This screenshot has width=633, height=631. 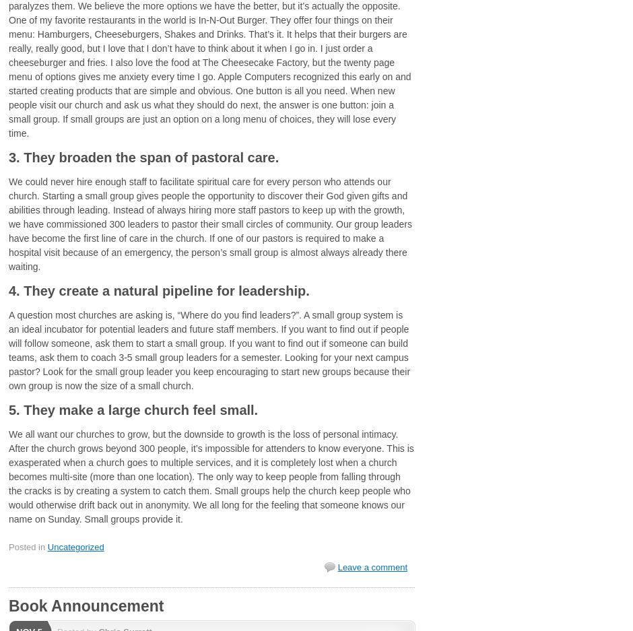 What do you see at coordinates (27, 546) in the screenshot?
I see `'Posted in'` at bounding box center [27, 546].